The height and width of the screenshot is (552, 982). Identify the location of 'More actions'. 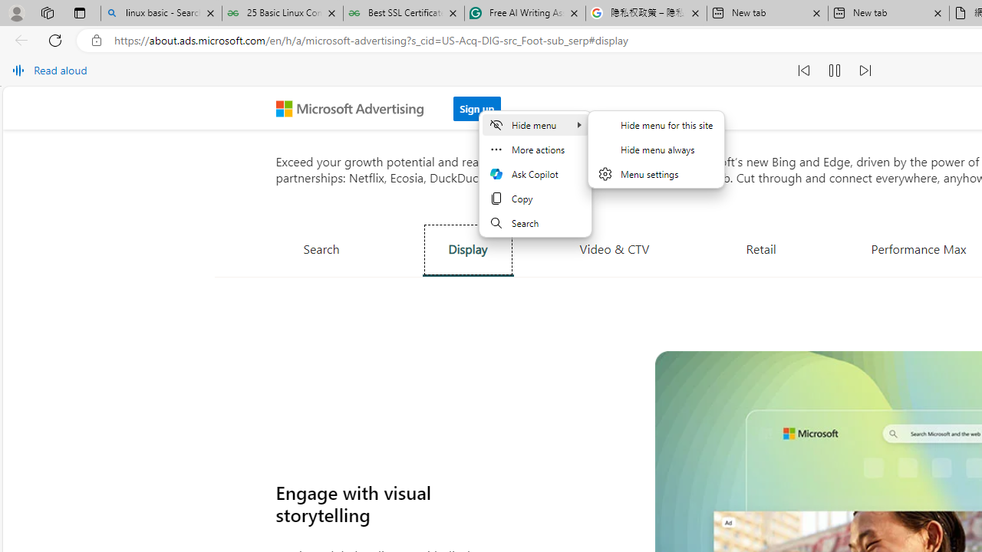
(535, 149).